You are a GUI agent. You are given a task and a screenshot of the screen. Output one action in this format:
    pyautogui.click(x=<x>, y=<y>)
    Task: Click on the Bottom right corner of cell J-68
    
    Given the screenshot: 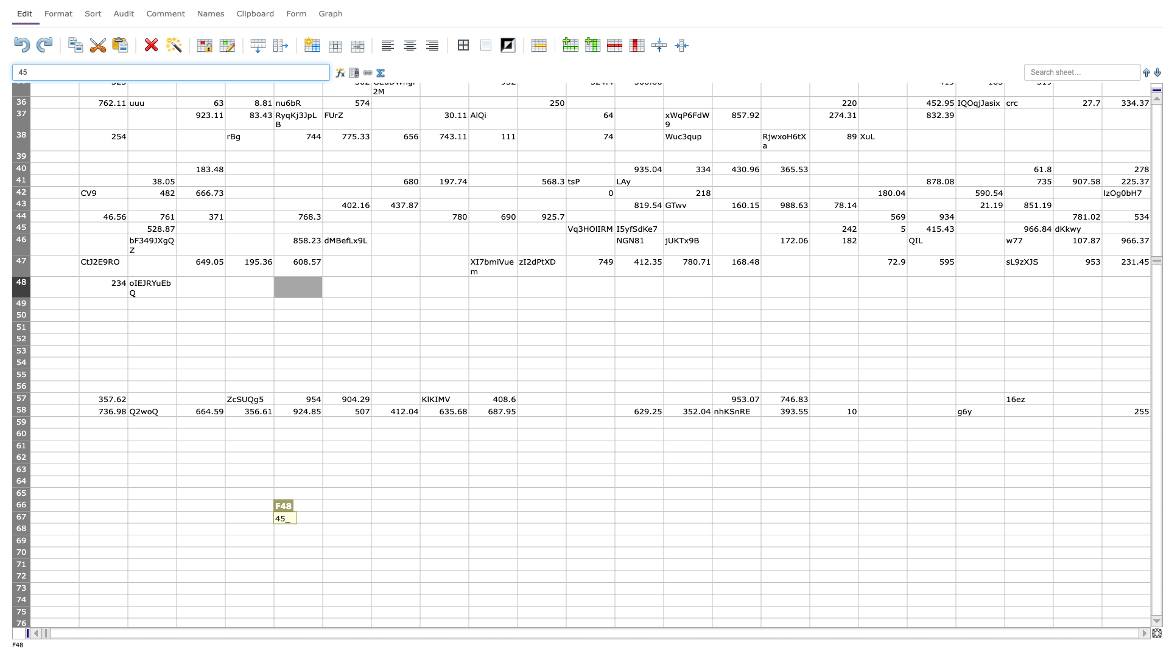 What is the action you would take?
    pyautogui.click(x=517, y=534)
    